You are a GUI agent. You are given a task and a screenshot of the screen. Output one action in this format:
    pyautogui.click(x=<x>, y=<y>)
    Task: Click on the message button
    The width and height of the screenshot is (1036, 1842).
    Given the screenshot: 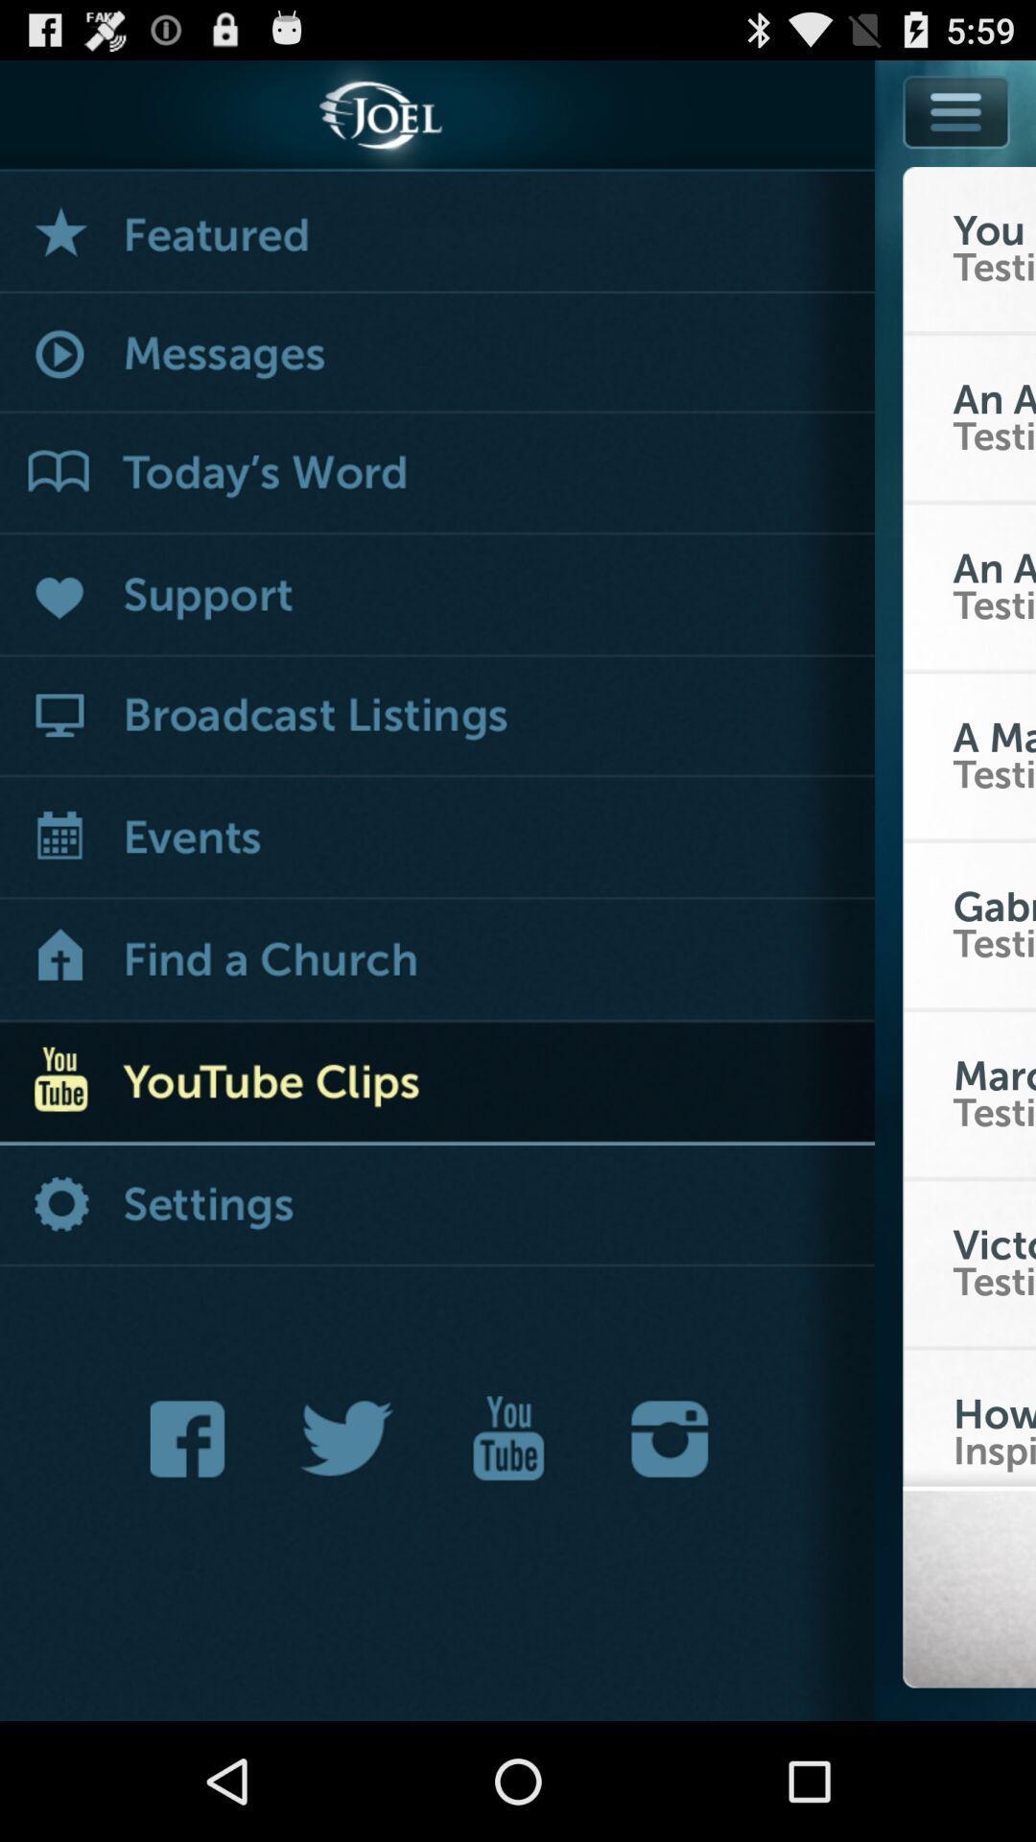 What is the action you would take?
    pyautogui.click(x=436, y=354)
    